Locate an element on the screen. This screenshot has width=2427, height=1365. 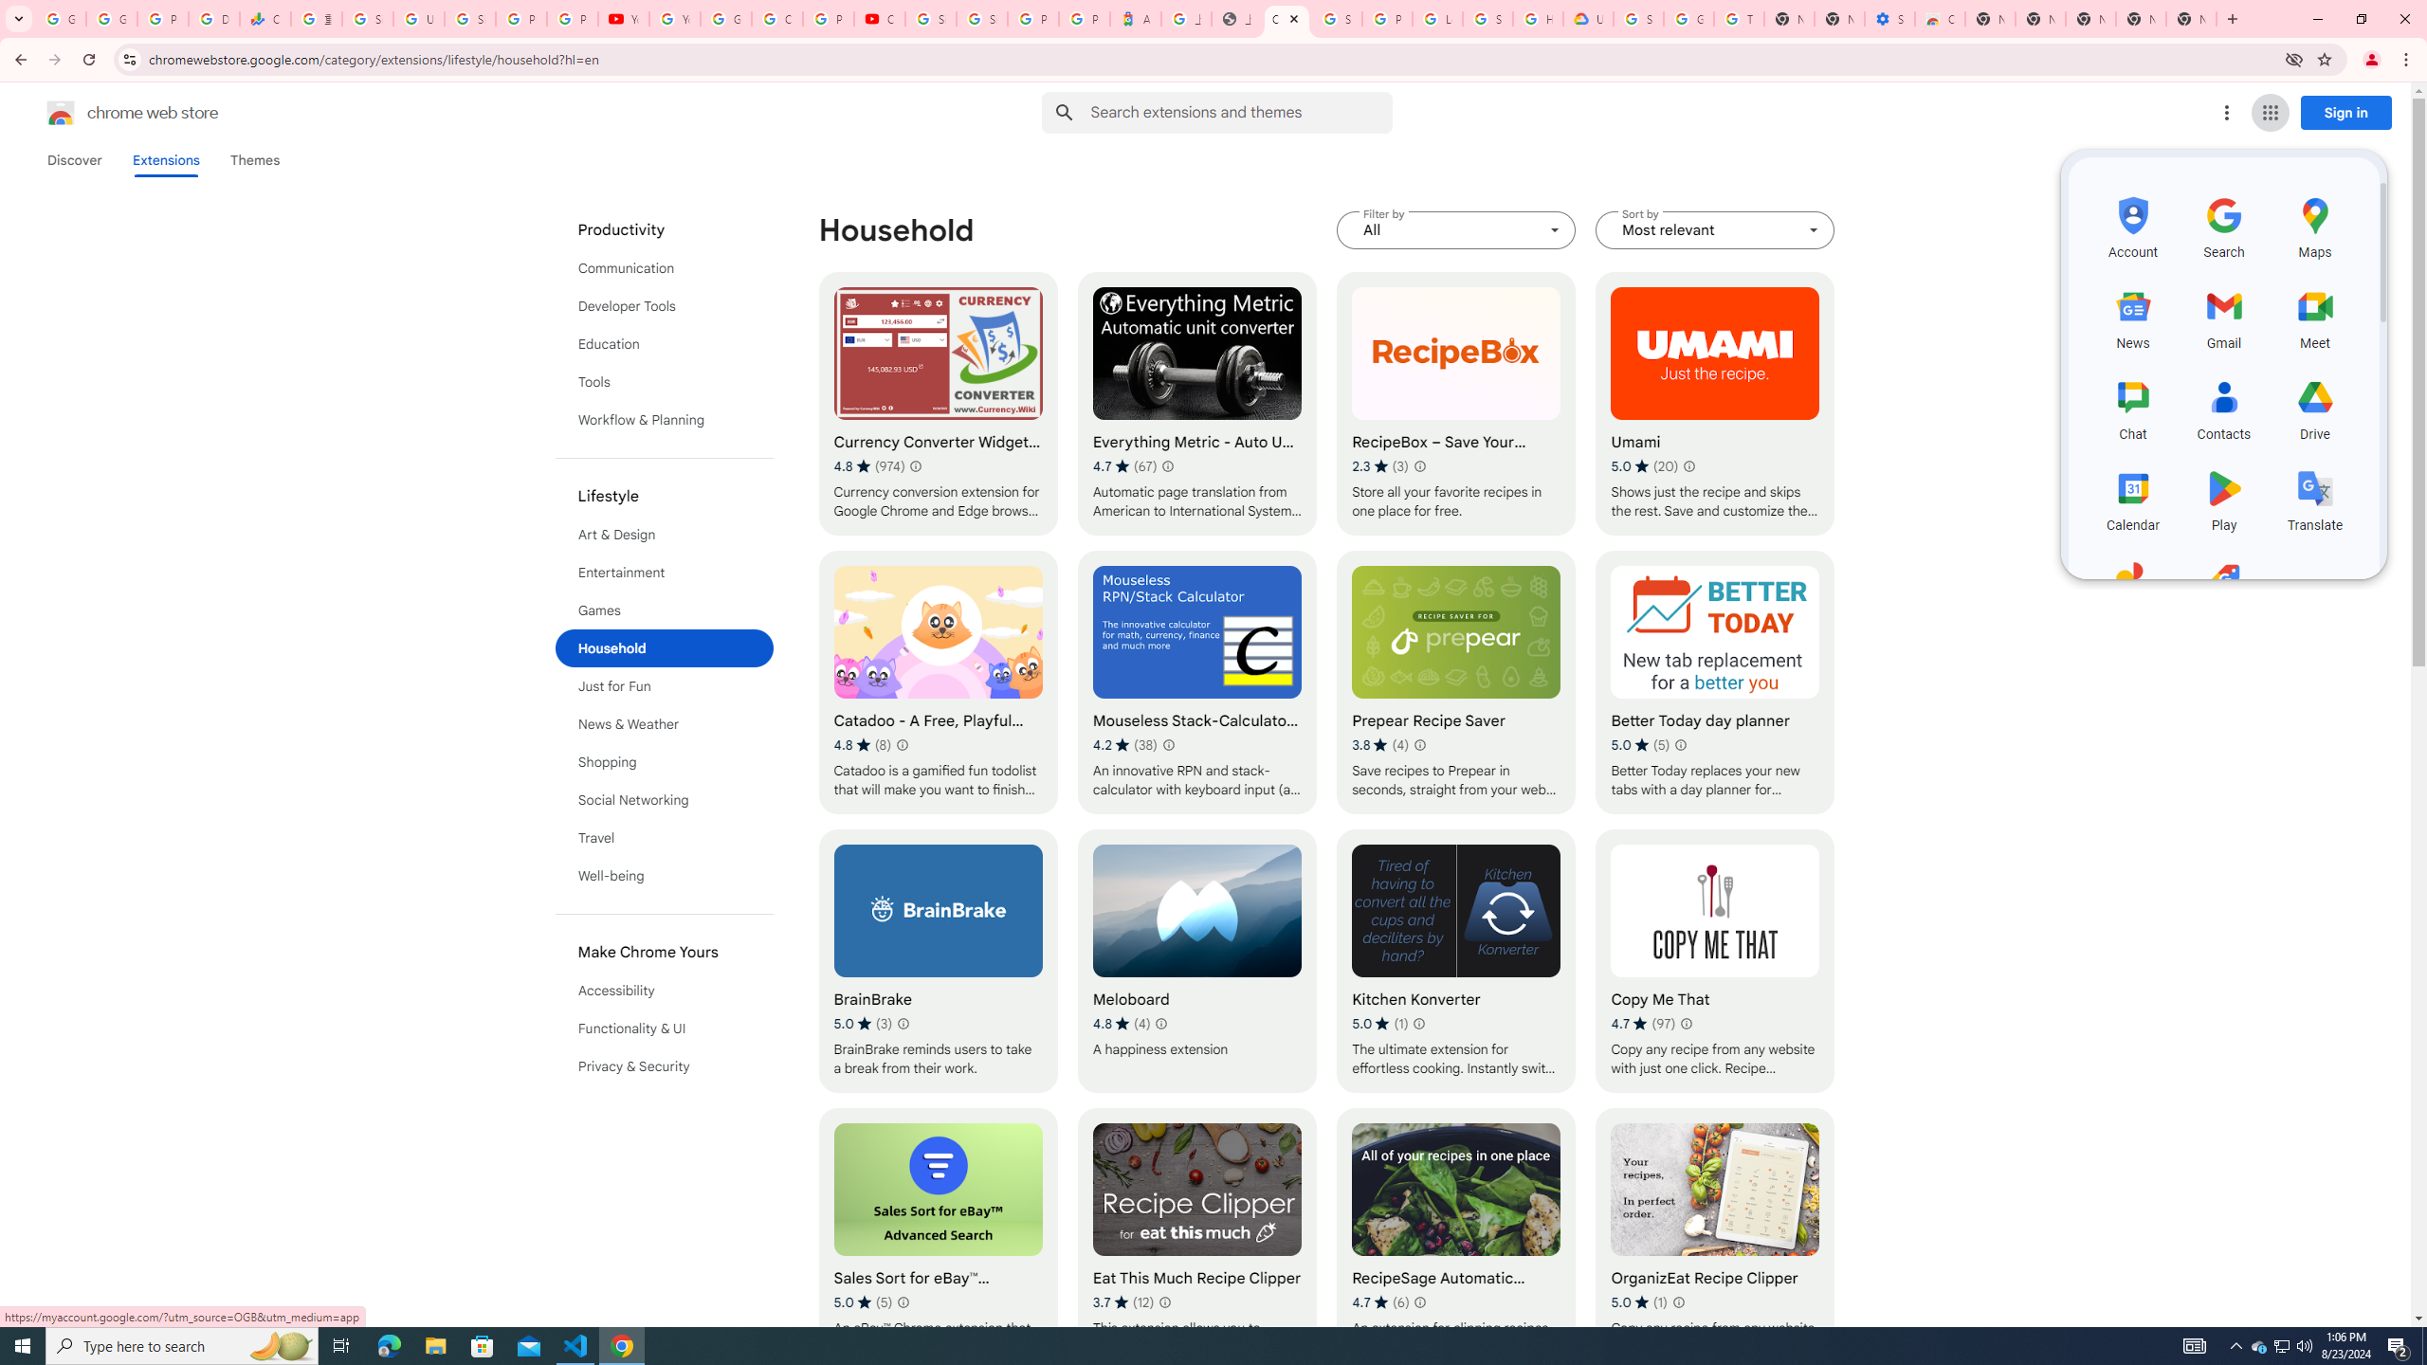
'Google Account Help' is located at coordinates (1688, 18).